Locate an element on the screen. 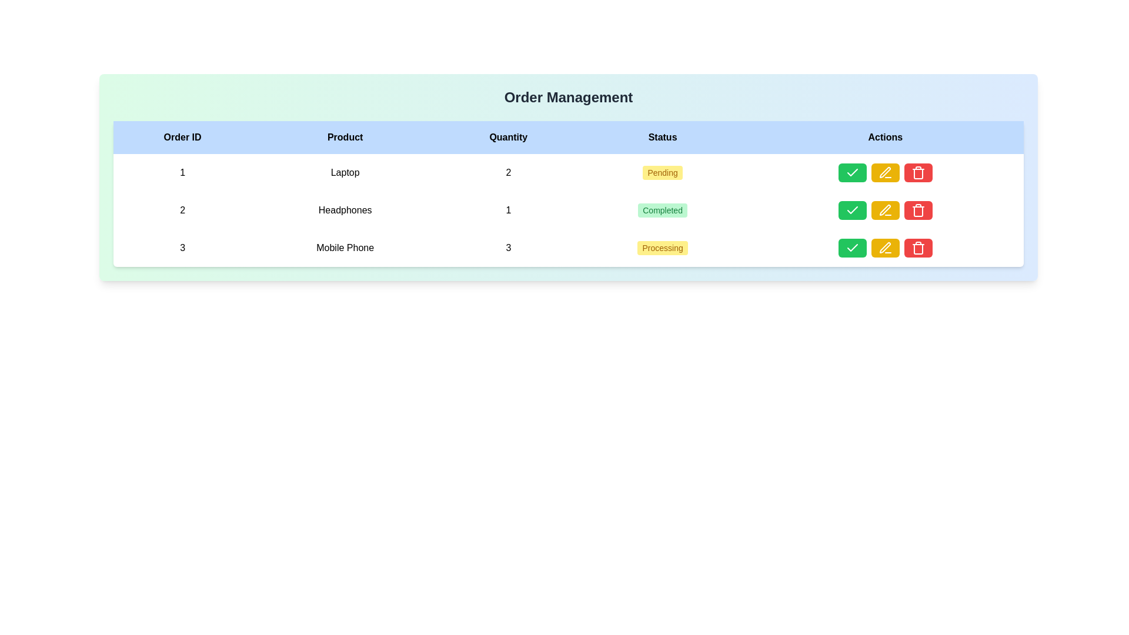 This screenshot has height=635, width=1129. the green checkmark icon located in the Actions column of the second row to confirm the action is located at coordinates (852, 172).